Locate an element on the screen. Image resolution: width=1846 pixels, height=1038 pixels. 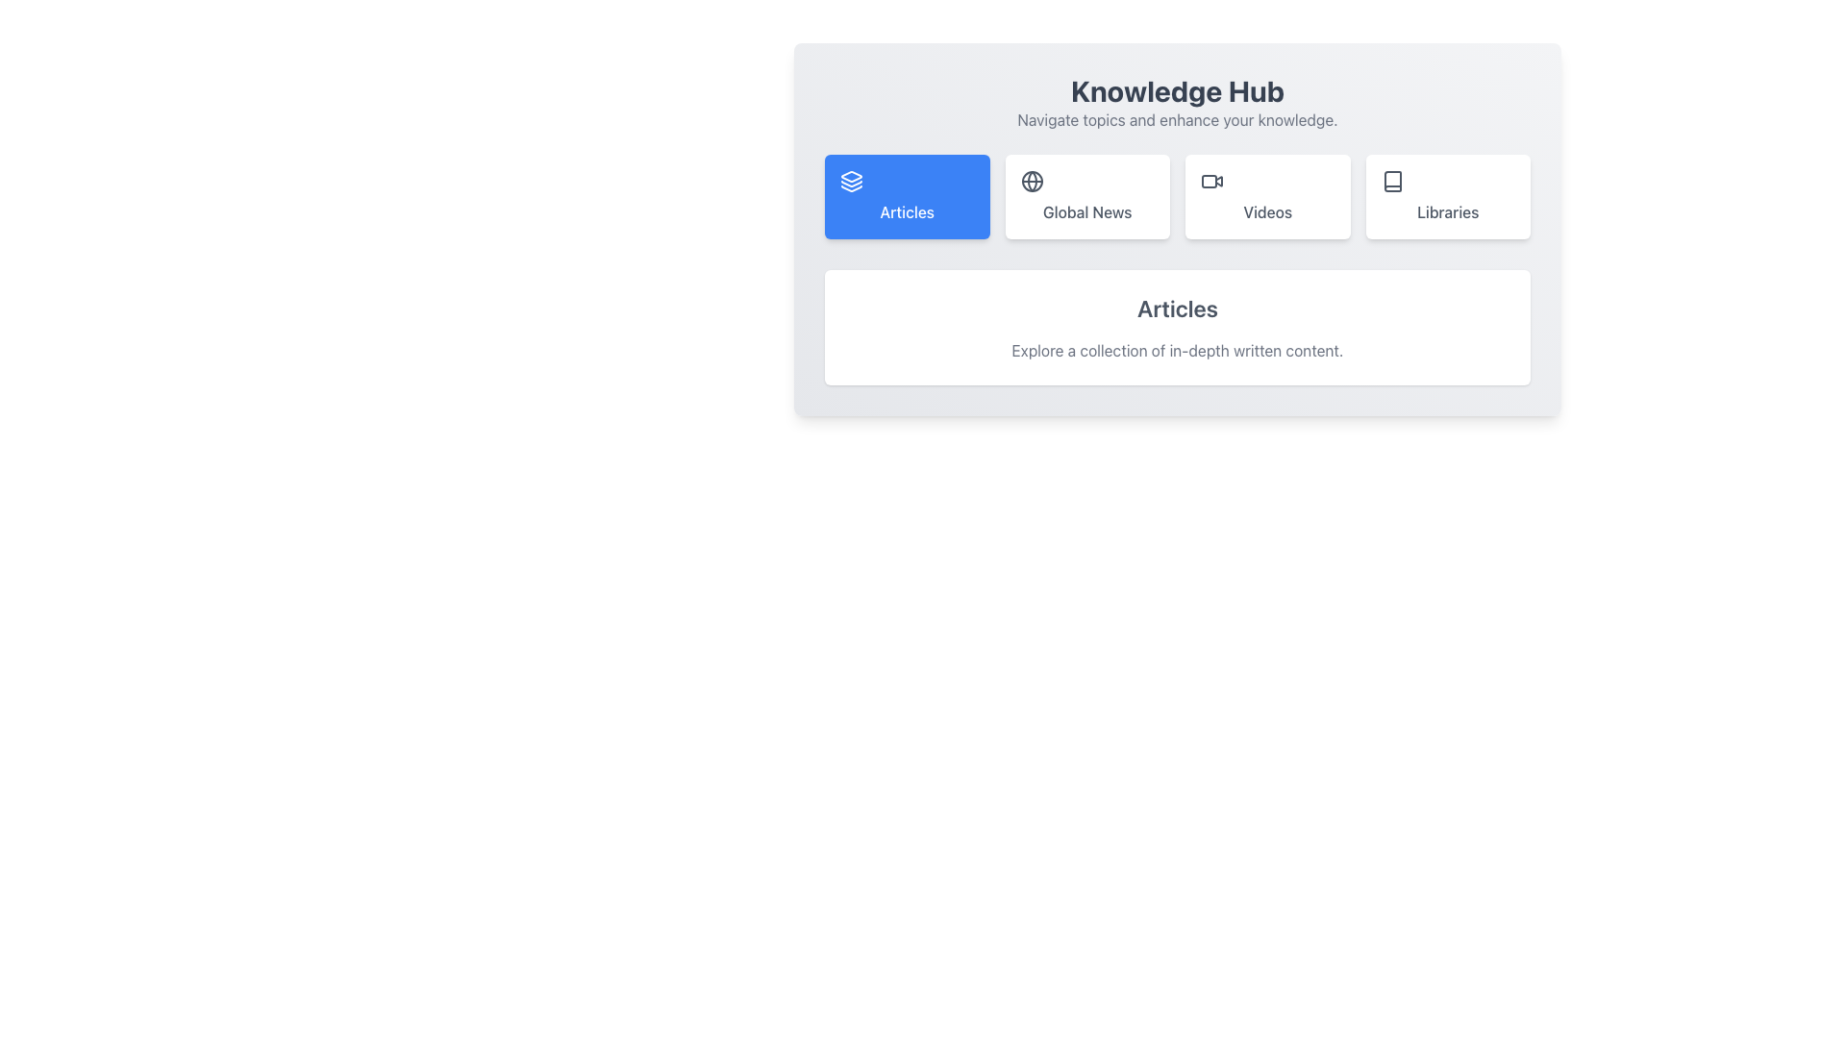
main header text element labeled 'Knowledge Hub' which introduces the section's theme and provides context is located at coordinates (1176, 91).